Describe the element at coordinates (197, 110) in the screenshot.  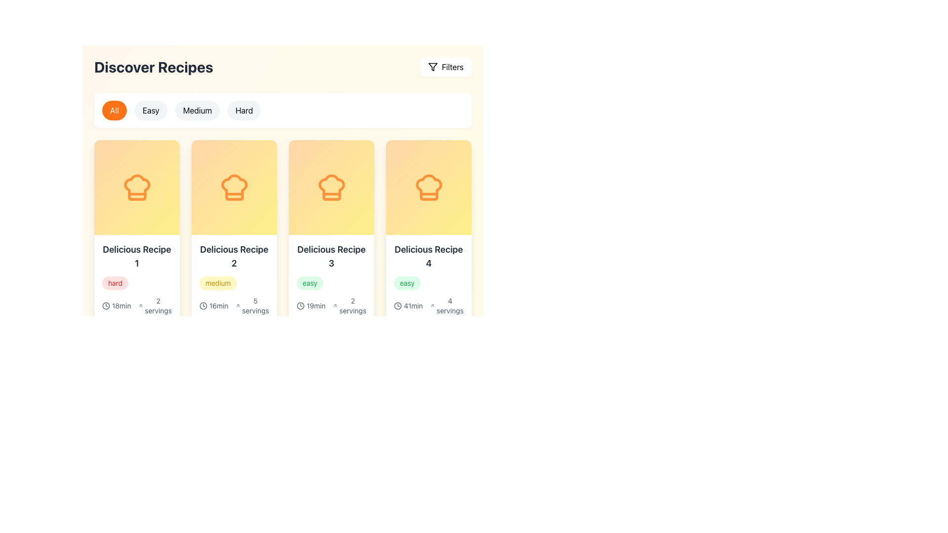
I see `the 'Medium' button, which is the third button in a row of four` at that location.